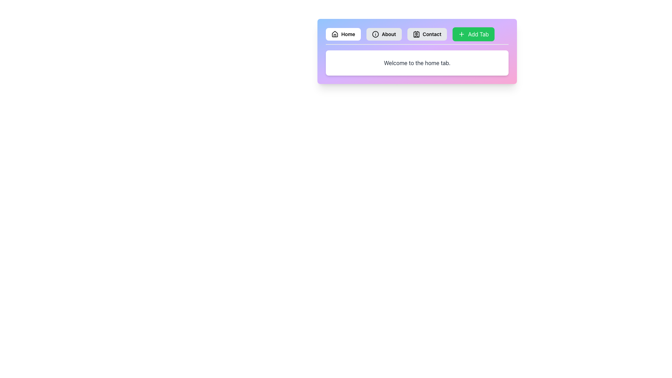 The height and width of the screenshot is (378, 672). What do you see at coordinates (478, 34) in the screenshot?
I see `text from the 'Add Tab' text label, which is displayed in bold white on a green background within a rounded rectangular button in the top menu bar` at bounding box center [478, 34].